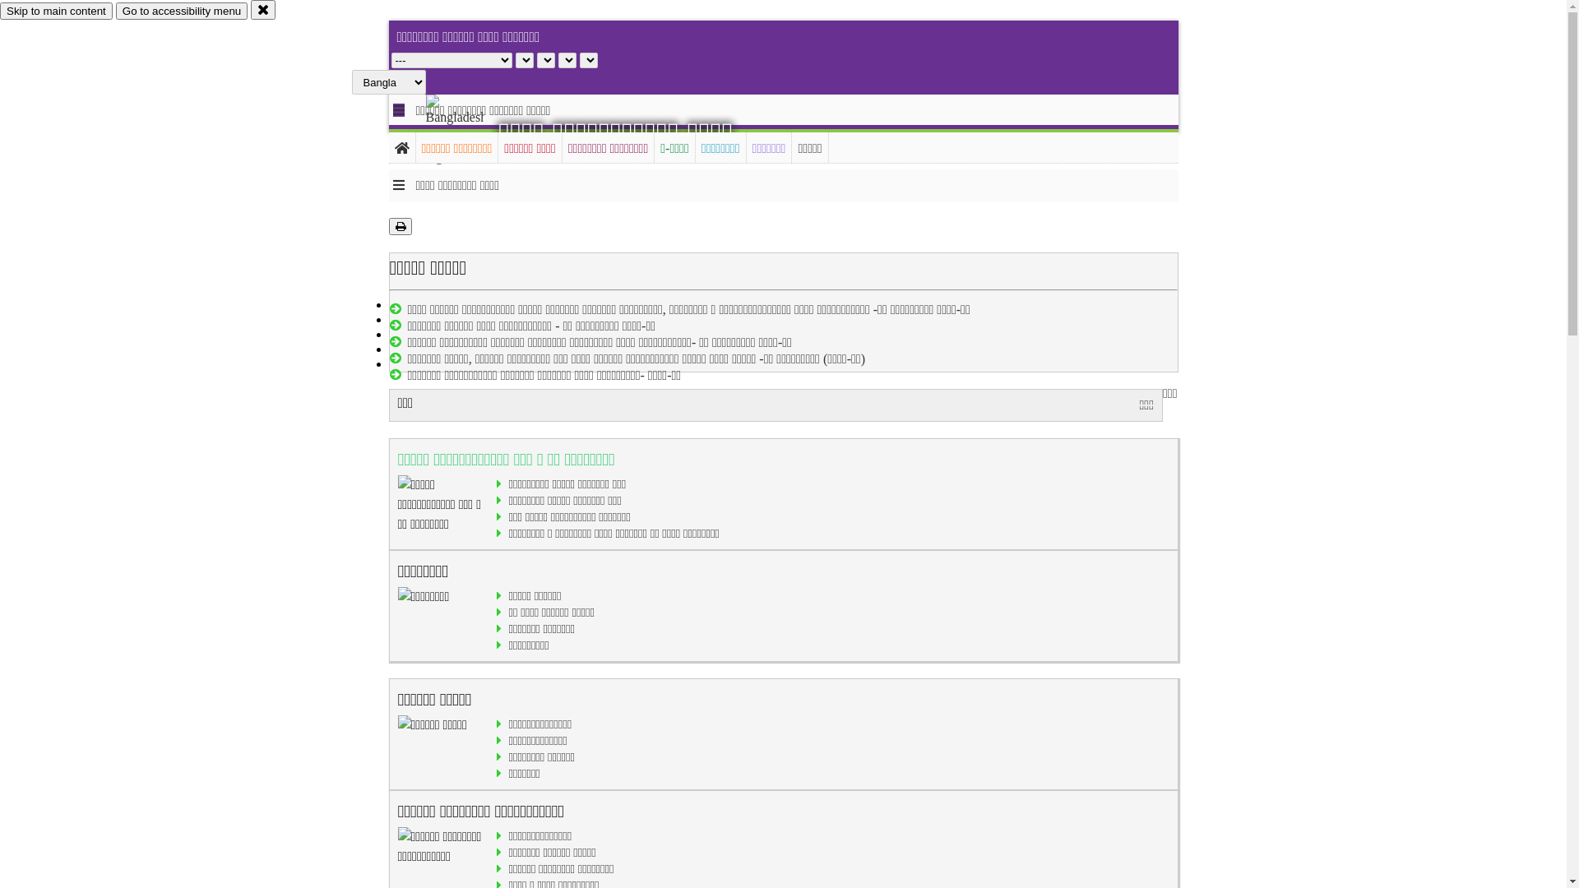 Image resolution: width=1579 pixels, height=888 pixels. What do you see at coordinates (426, 129) in the screenshot?
I see `'` at bounding box center [426, 129].